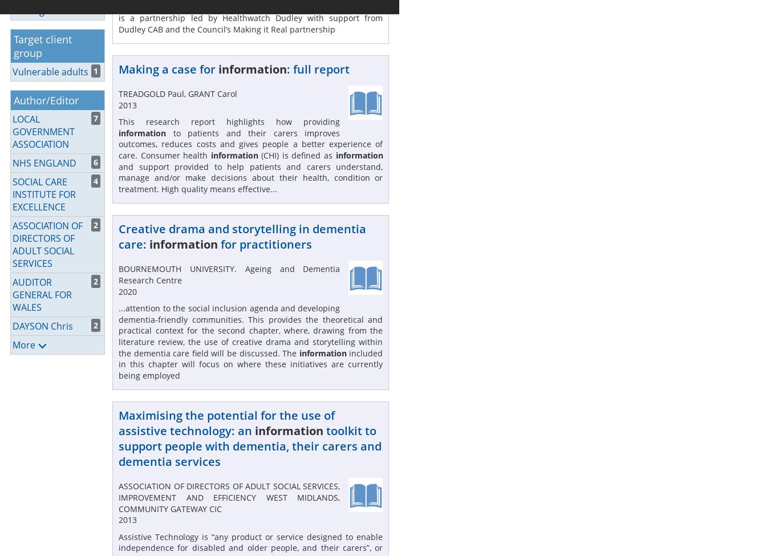  What do you see at coordinates (43, 193) in the screenshot?
I see `'SOCIAL CARE INSTITUTE FOR EXCELLENCE'` at bounding box center [43, 193].